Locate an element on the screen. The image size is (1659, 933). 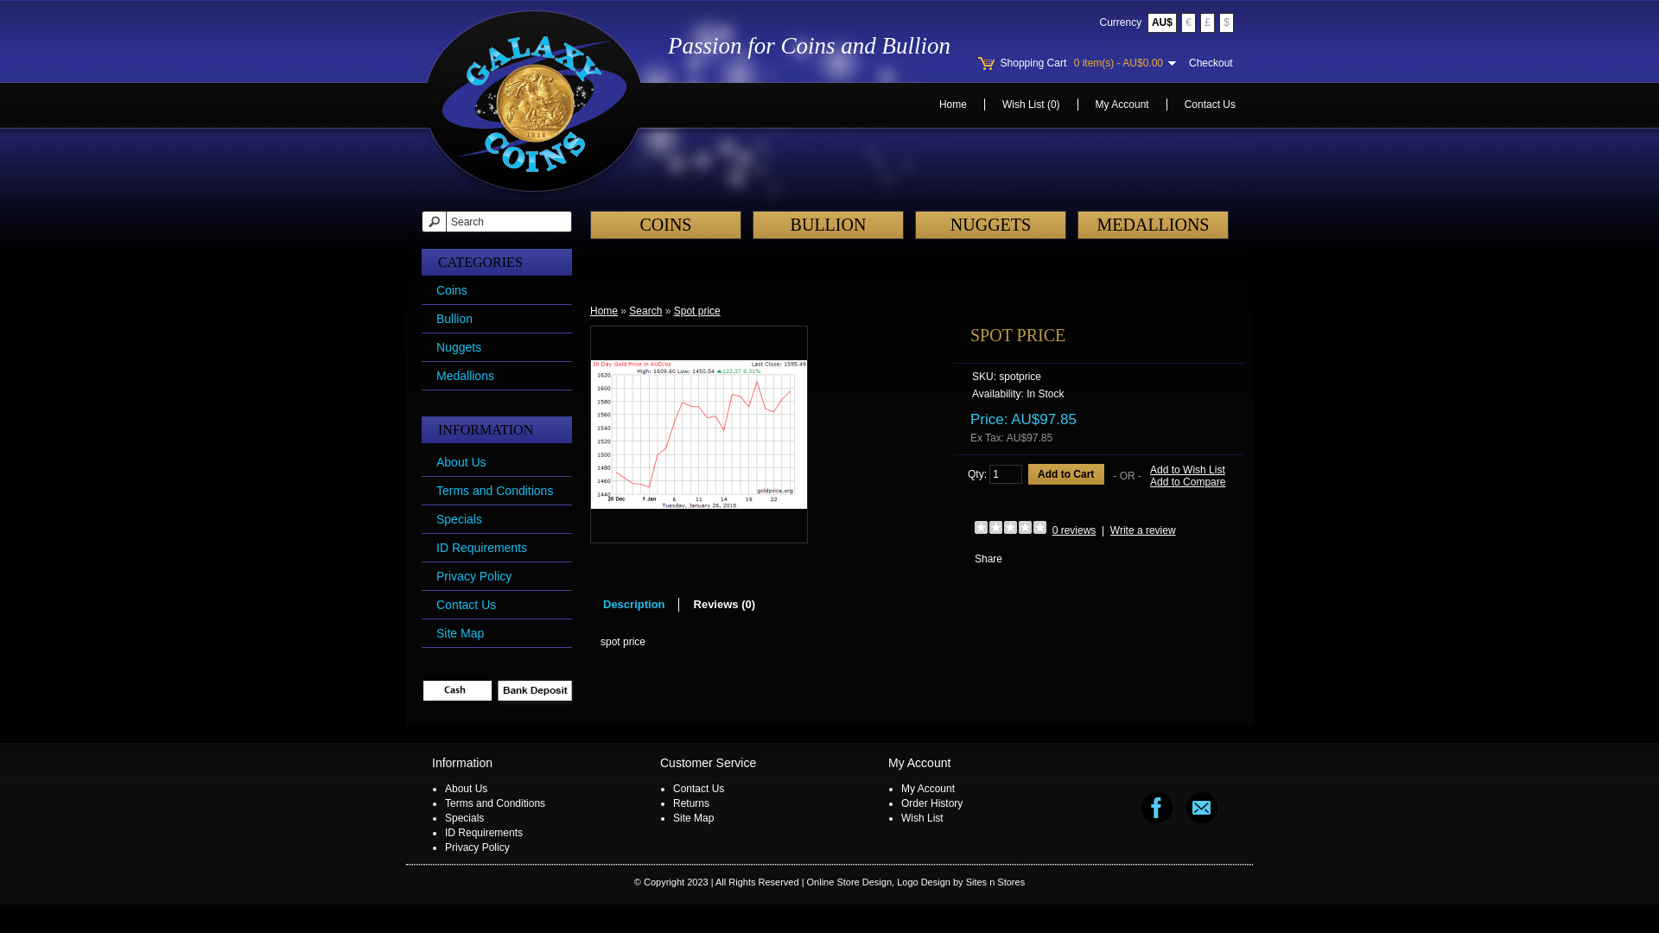
'Checkout' is located at coordinates (1210, 62).